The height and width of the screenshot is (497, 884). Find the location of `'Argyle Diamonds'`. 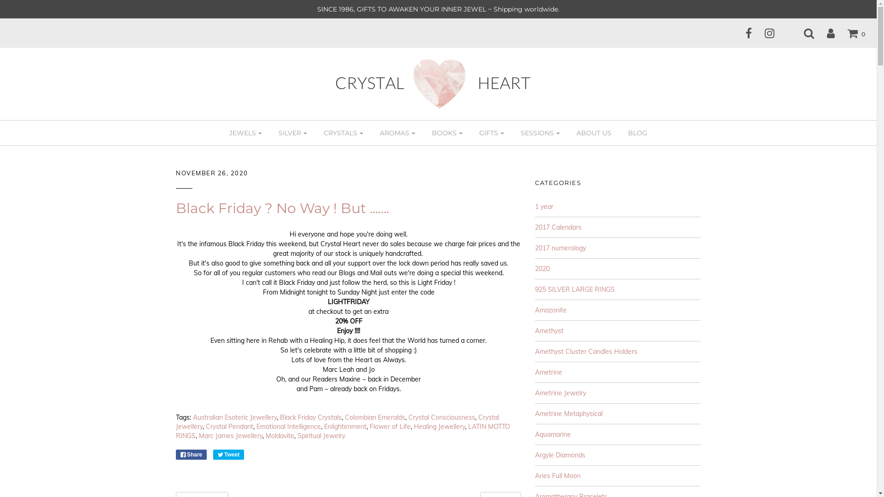

'Argyle Diamonds' is located at coordinates (559, 454).